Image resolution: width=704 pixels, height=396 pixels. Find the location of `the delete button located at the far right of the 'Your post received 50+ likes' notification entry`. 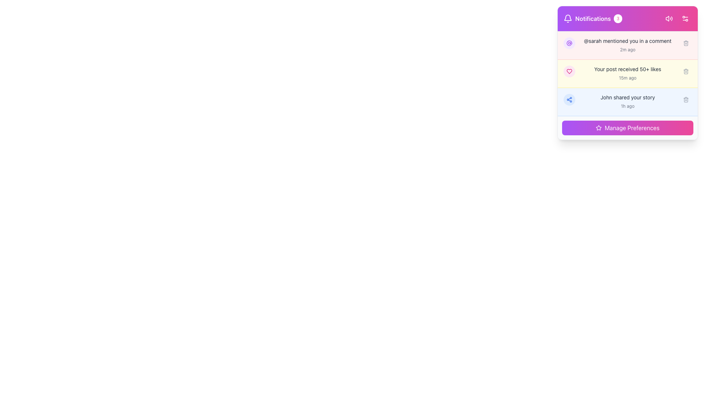

the delete button located at the far right of the 'Your post received 50+ likes' notification entry is located at coordinates (686, 71).